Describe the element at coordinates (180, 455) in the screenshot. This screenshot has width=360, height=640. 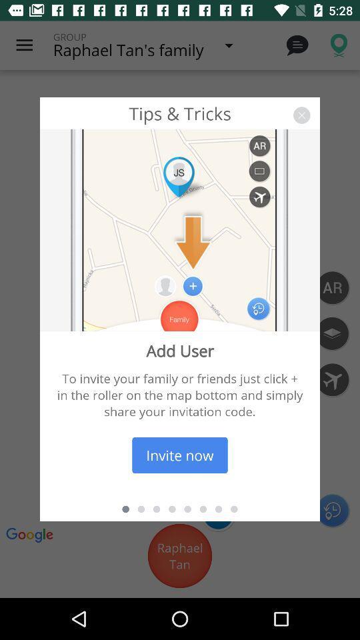
I see `icon below the to invite your item` at that location.